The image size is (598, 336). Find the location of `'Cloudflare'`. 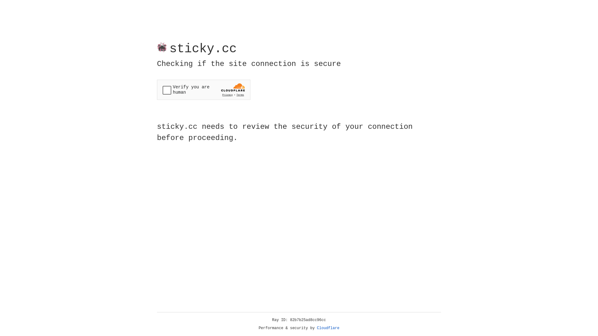

'Cloudflare' is located at coordinates (328, 328).